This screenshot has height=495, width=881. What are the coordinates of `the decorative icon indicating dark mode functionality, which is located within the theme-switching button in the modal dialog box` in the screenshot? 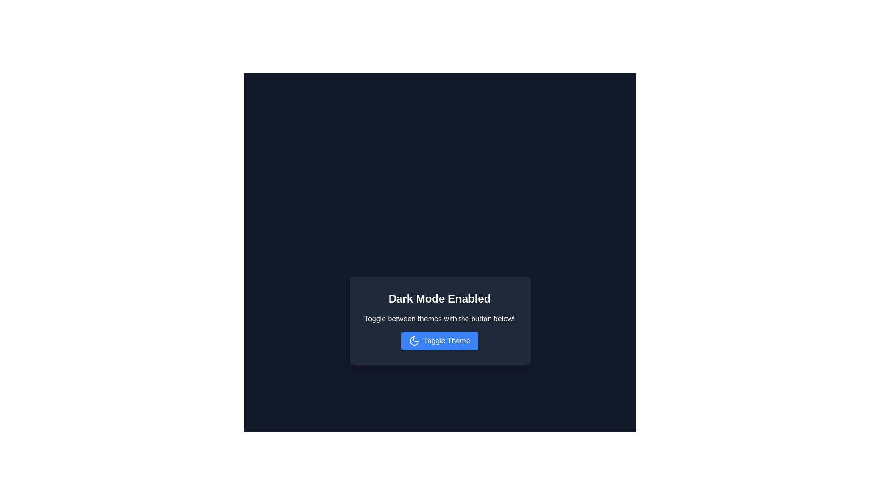 It's located at (414, 341).